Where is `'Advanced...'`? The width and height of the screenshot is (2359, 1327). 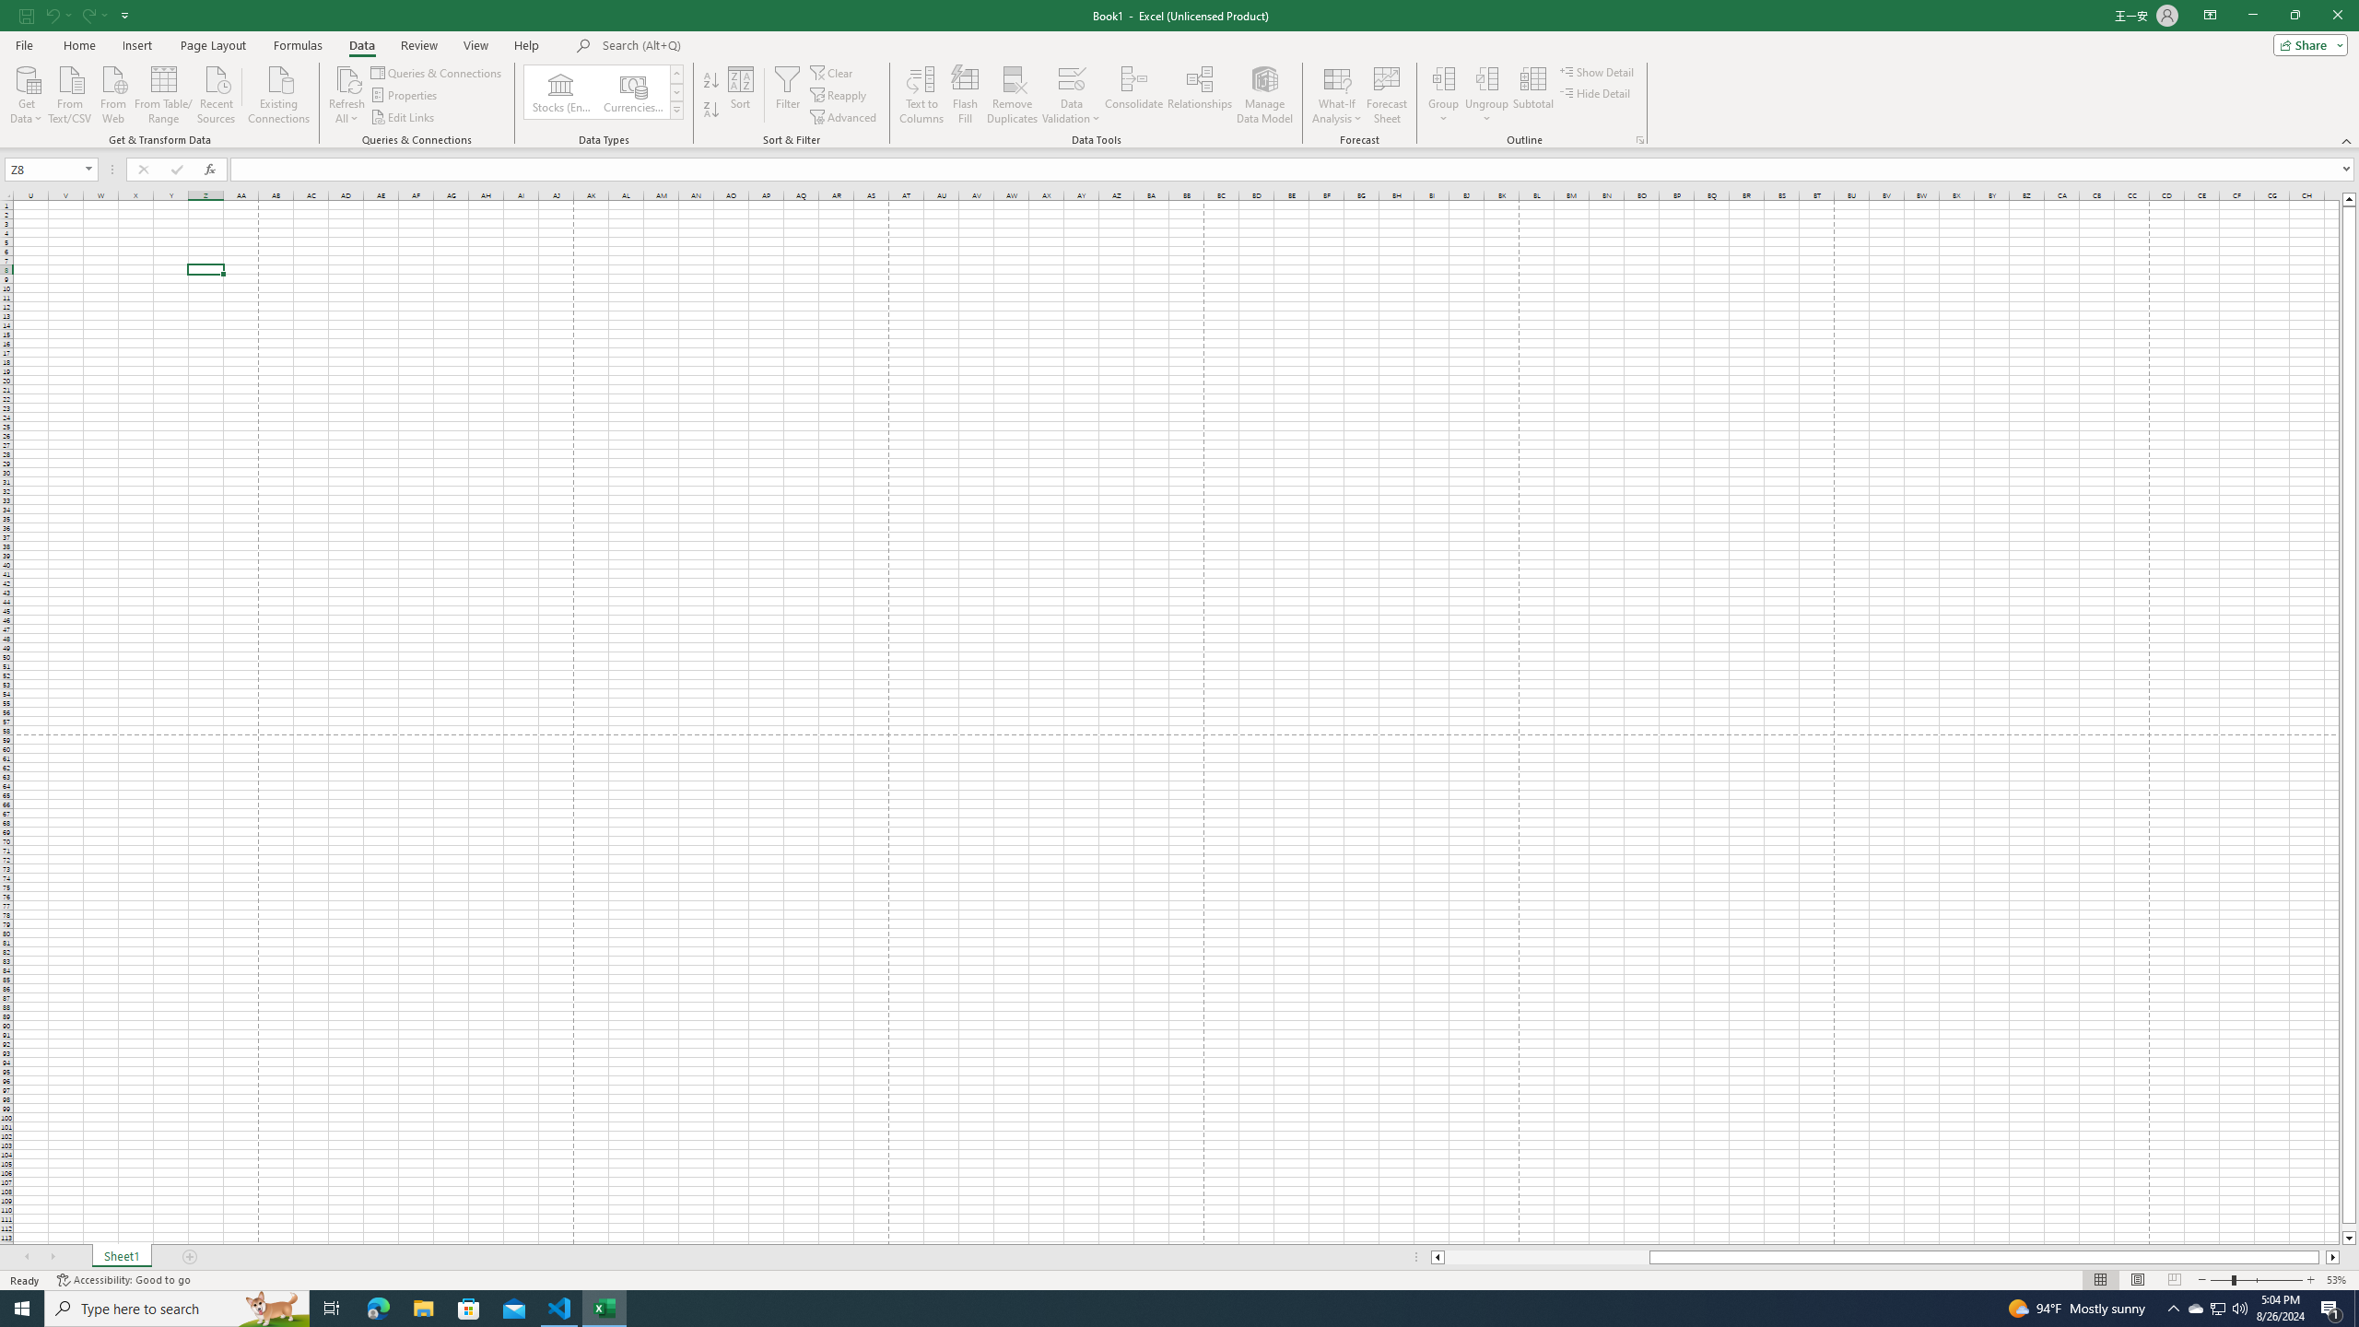
'Advanced...' is located at coordinates (844, 117).